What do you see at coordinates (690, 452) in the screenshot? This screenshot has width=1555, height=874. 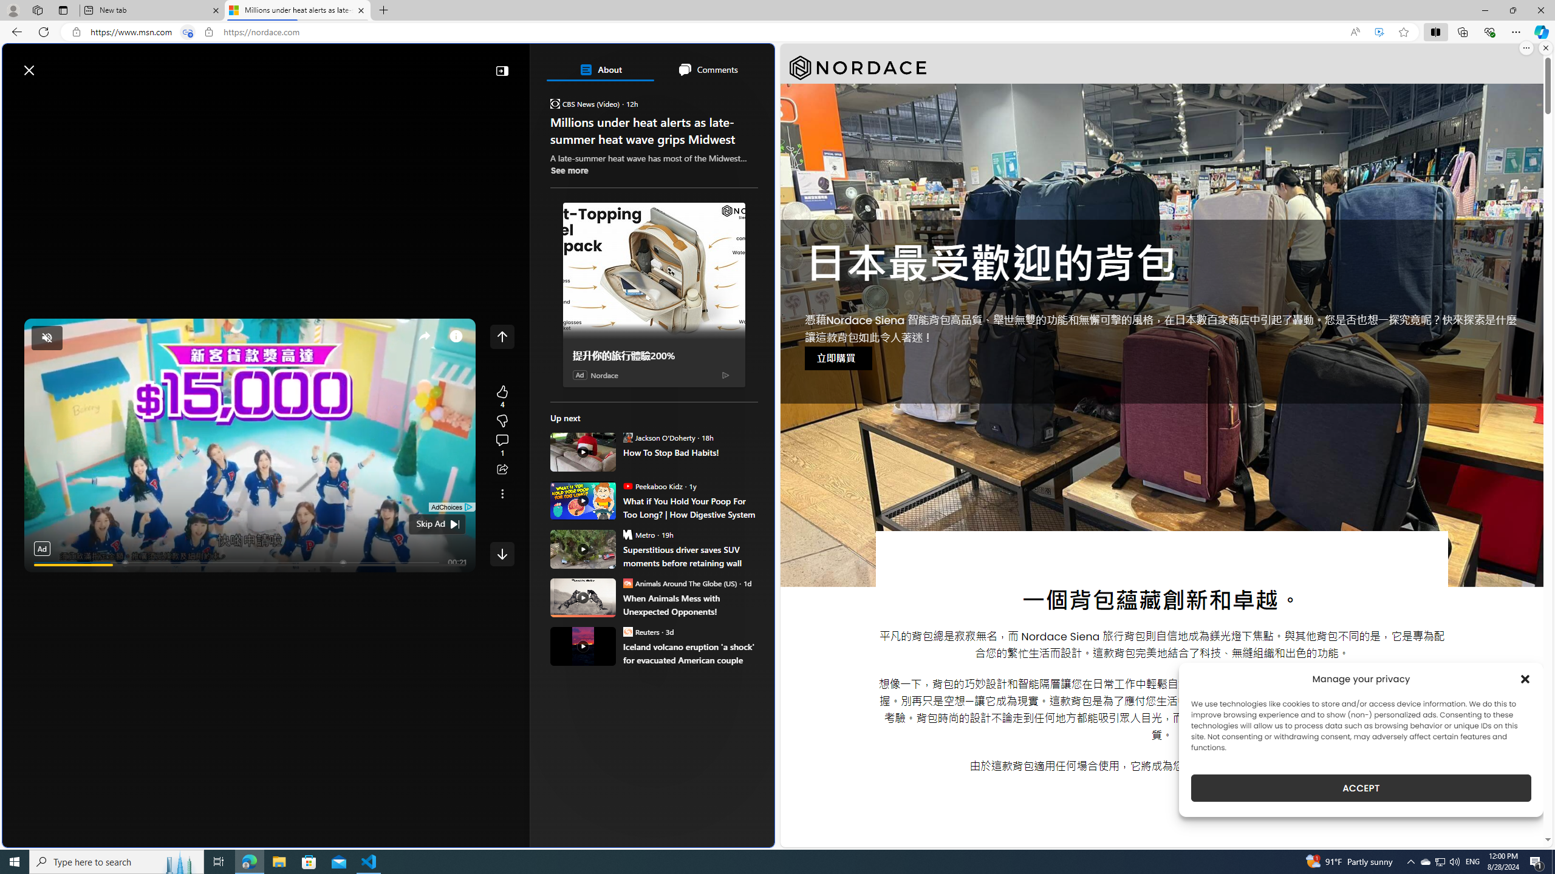 I see `'How To Stop Bad Habits!'` at bounding box center [690, 452].